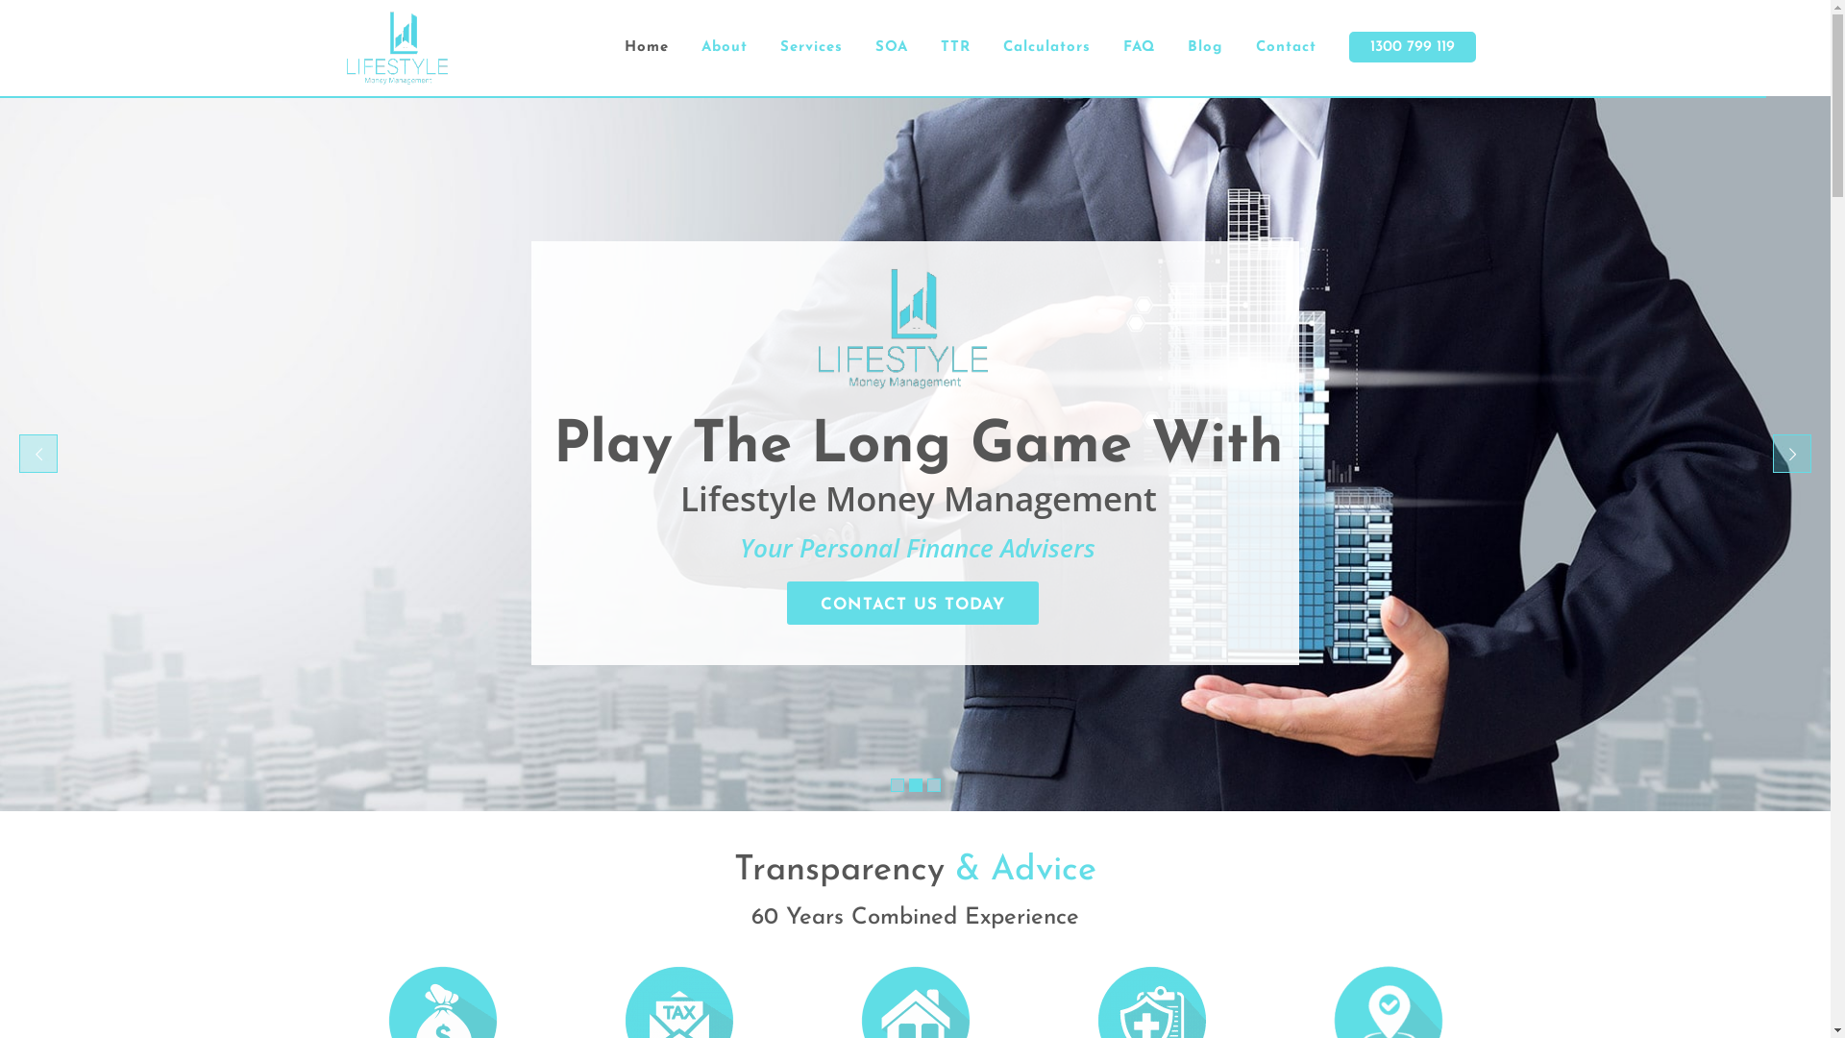  What do you see at coordinates (890, 47) in the screenshot?
I see `'SOA'` at bounding box center [890, 47].